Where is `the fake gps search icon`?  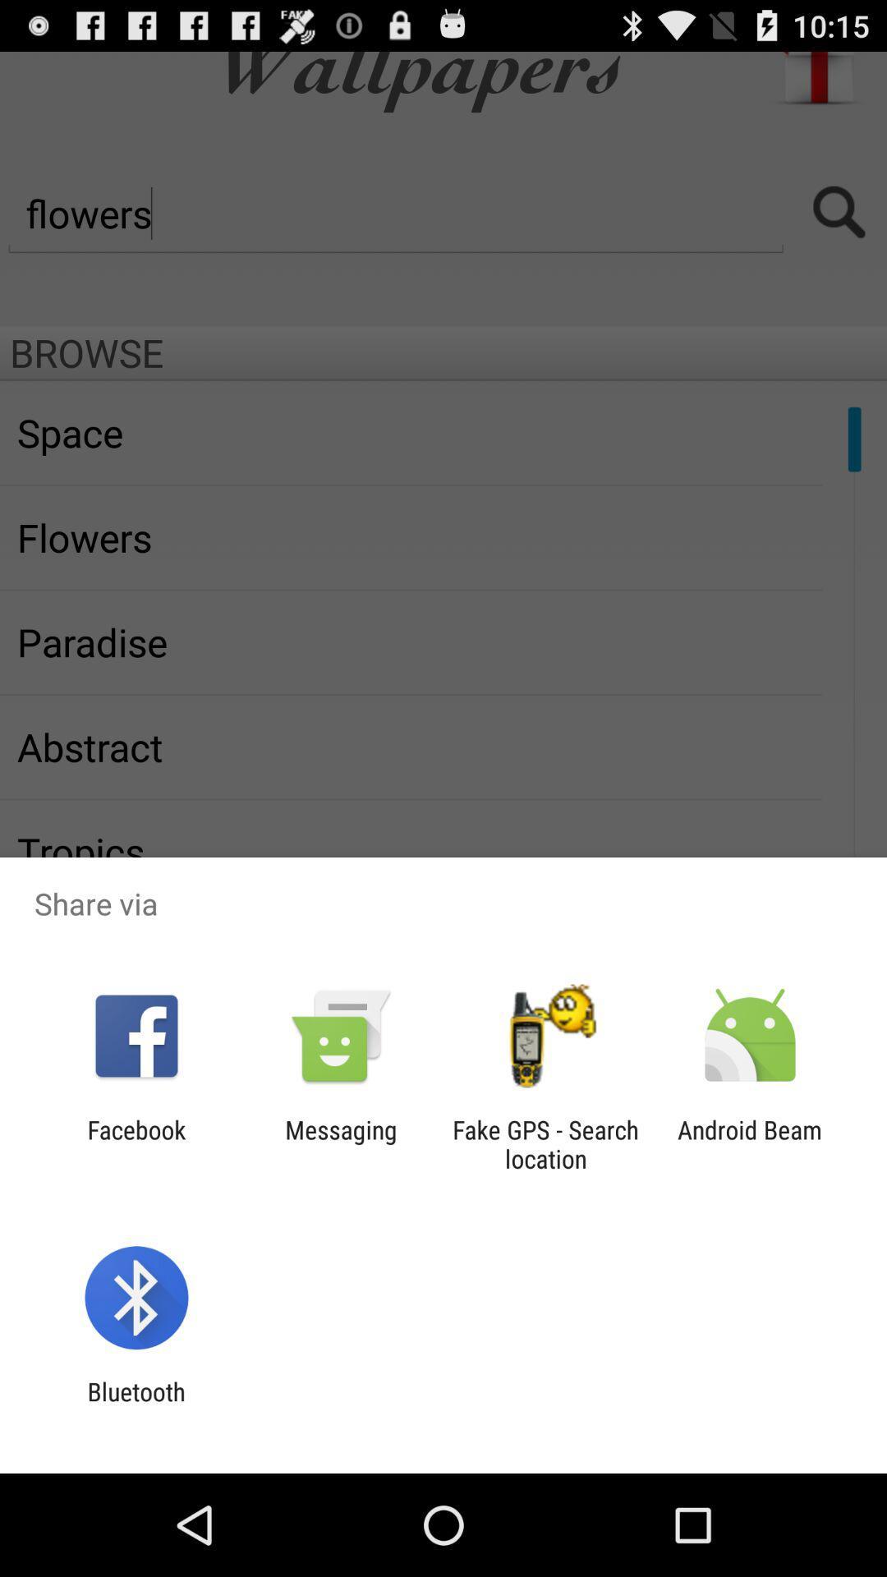 the fake gps search icon is located at coordinates (545, 1143).